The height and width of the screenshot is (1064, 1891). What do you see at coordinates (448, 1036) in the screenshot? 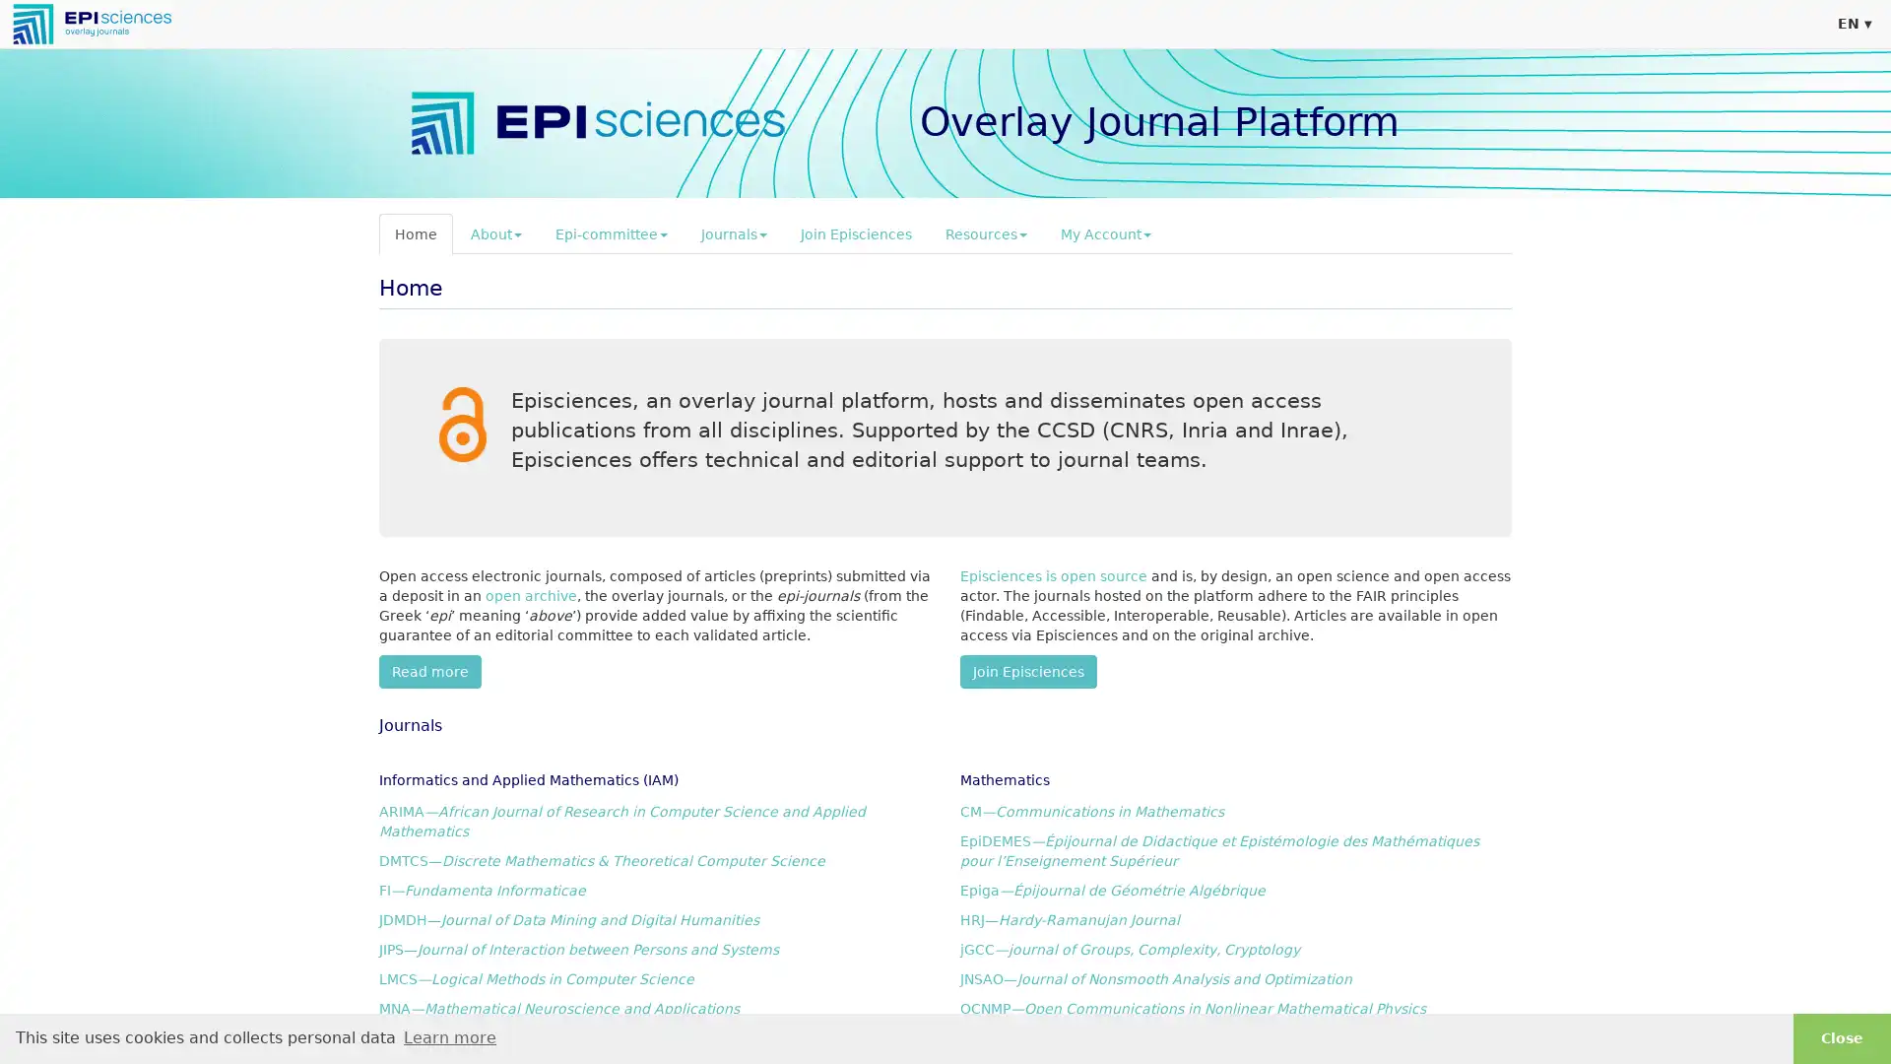
I see `learn more about cookies` at bounding box center [448, 1036].